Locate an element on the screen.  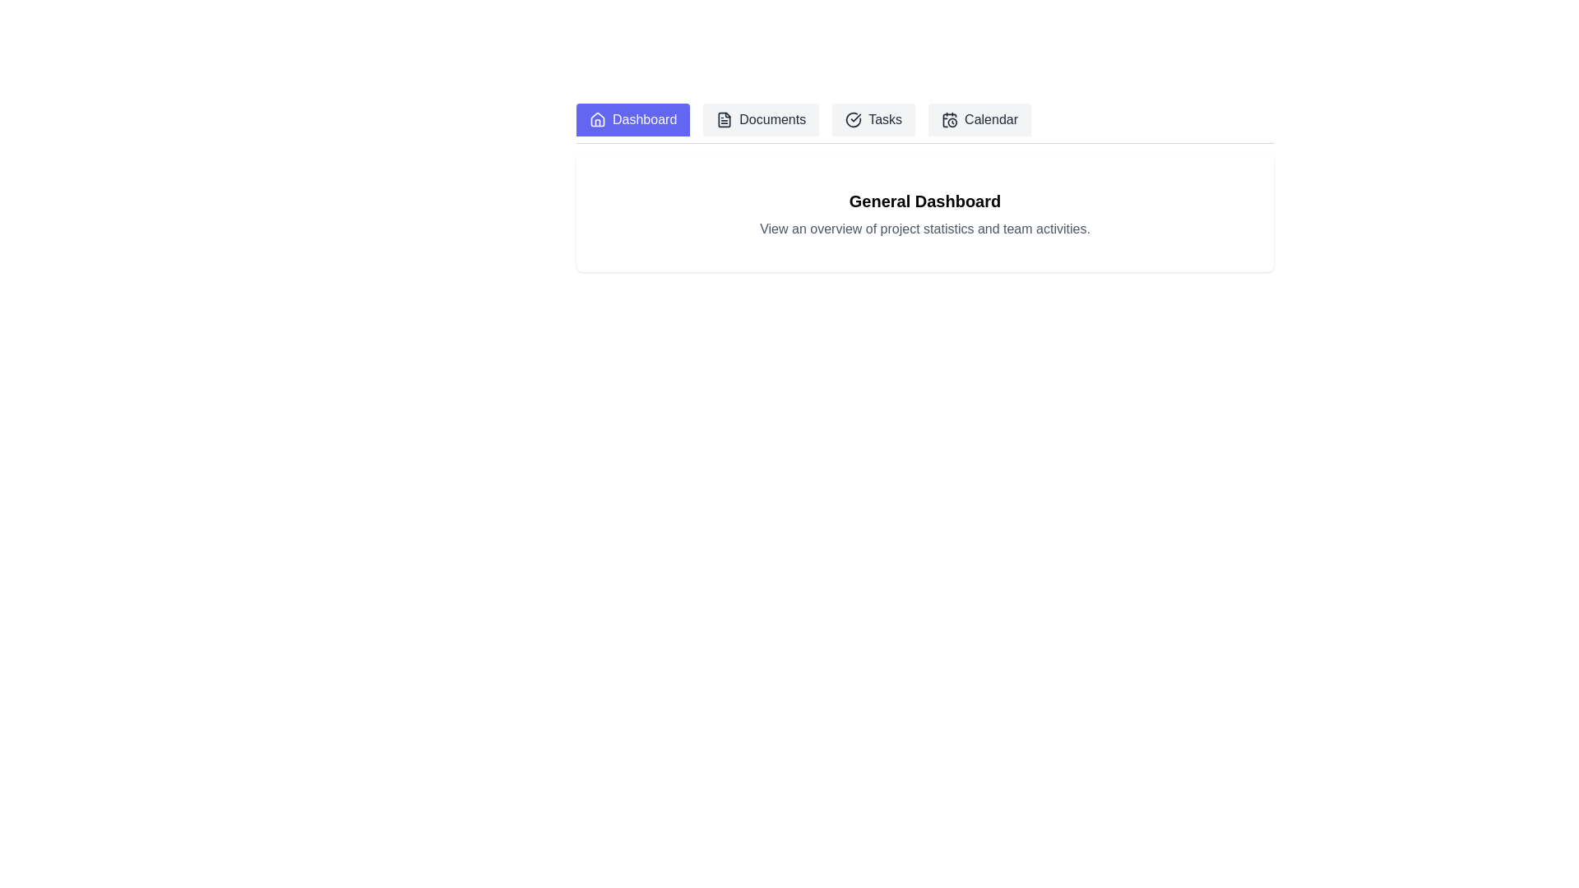
the Documents icon in the navigation bar is located at coordinates (724, 119).